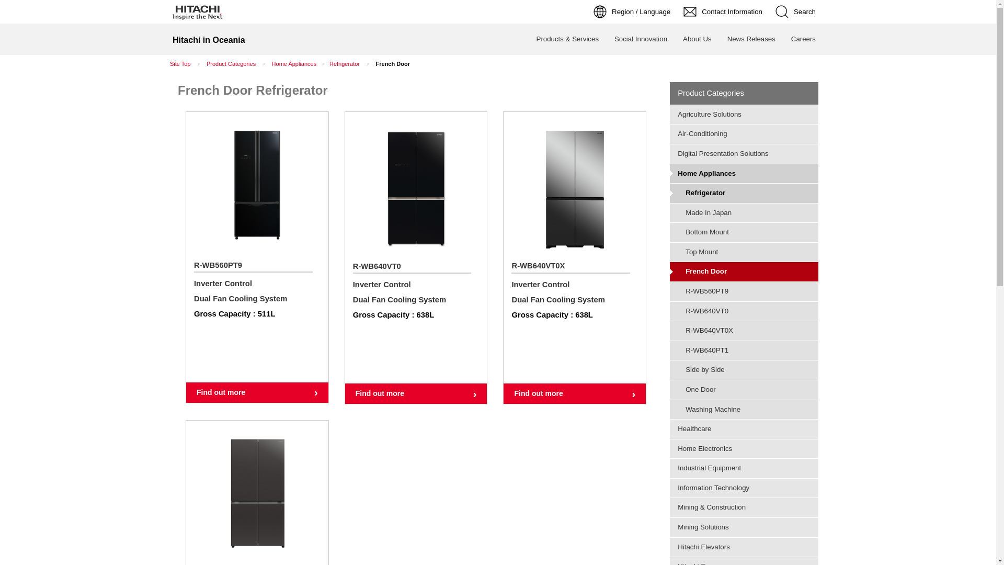 This screenshot has height=565, width=1004. I want to click on 'Top Mount', so click(743, 252).